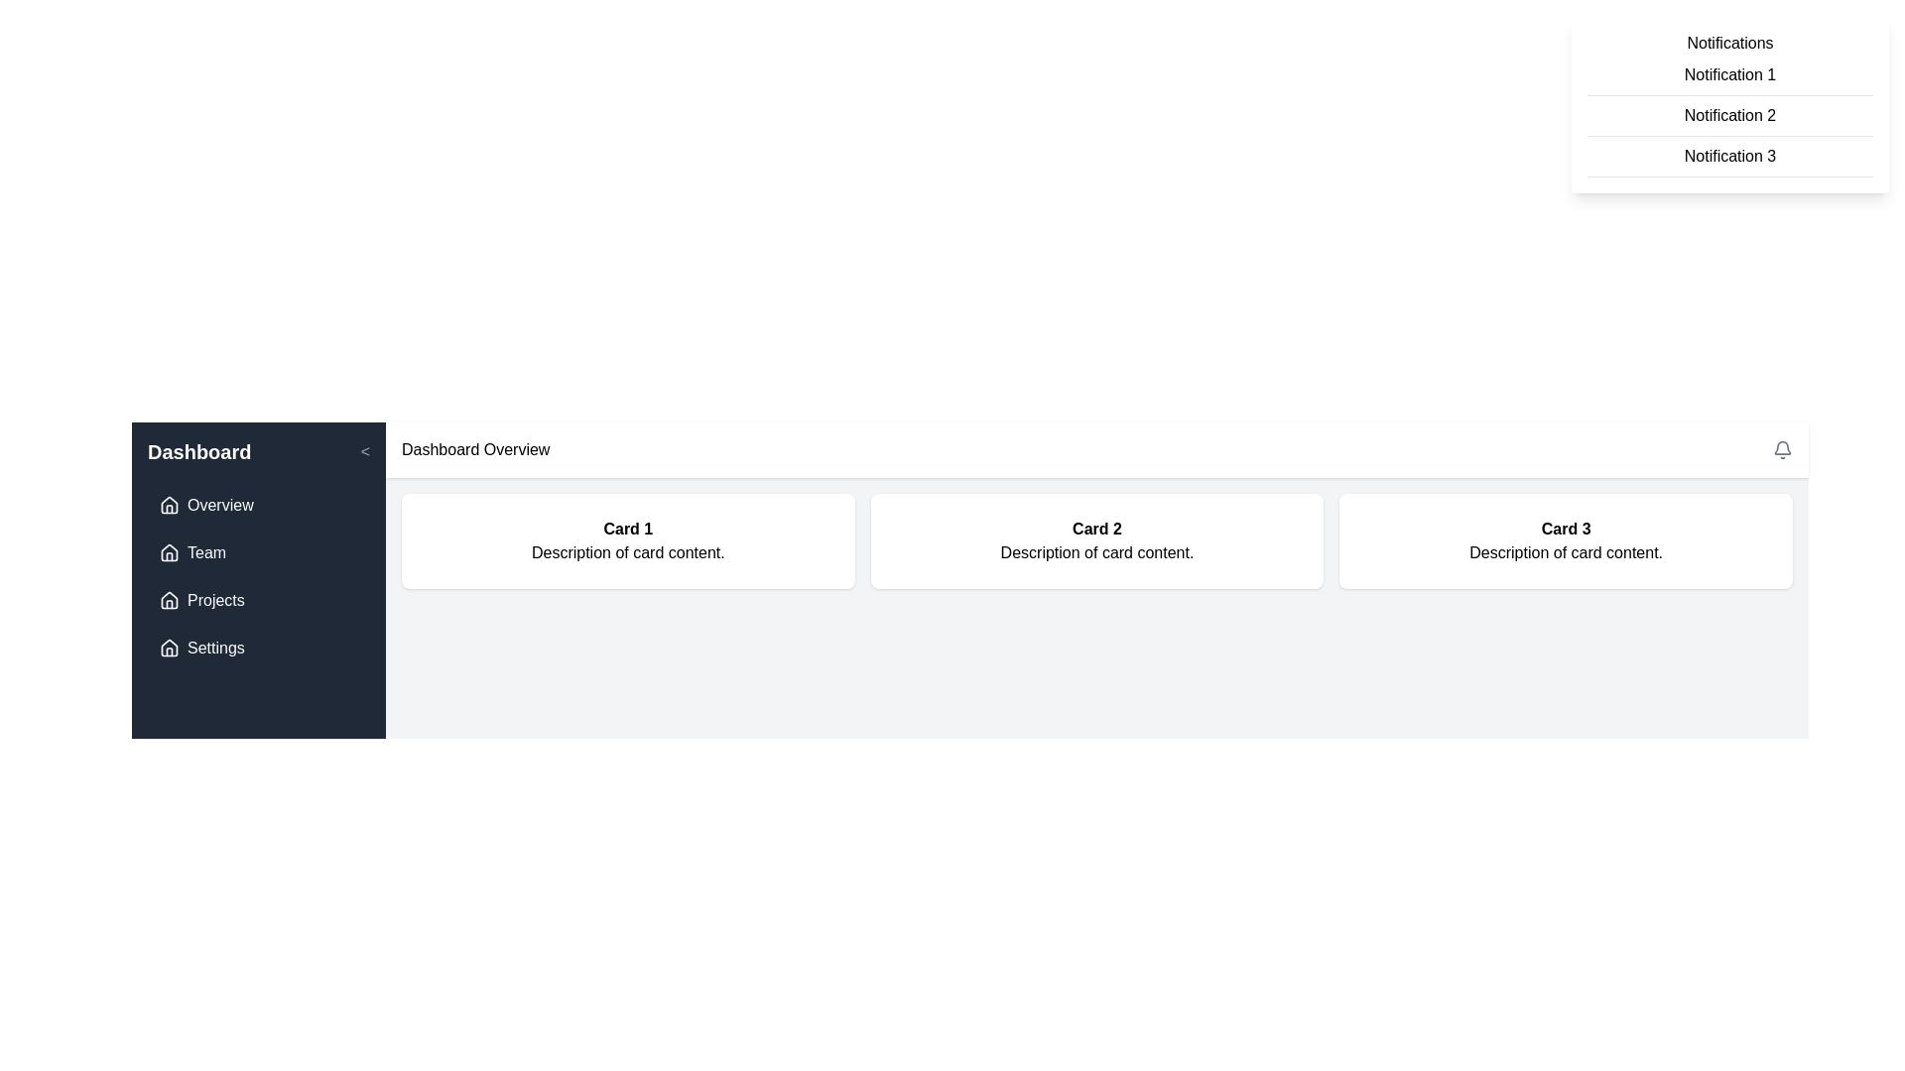 This screenshot has height=1071, width=1905. Describe the element at coordinates (627, 553) in the screenshot. I see `the descriptive Text label located centrally under the title 'Card 1' in the leftmost card of a horizontal array of three cards` at that location.